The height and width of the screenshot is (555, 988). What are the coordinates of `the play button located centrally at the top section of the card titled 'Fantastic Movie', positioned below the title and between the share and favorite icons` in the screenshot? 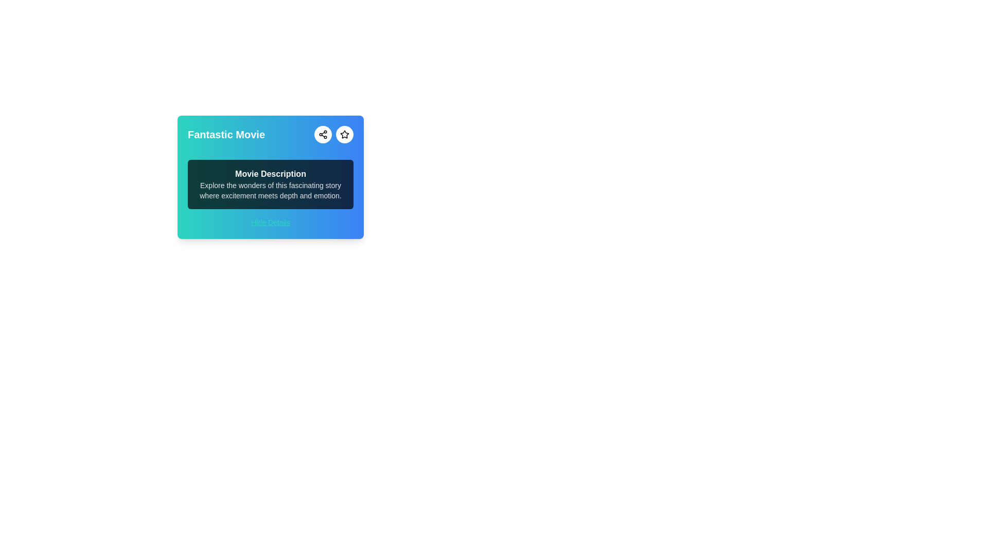 It's located at (271, 151).